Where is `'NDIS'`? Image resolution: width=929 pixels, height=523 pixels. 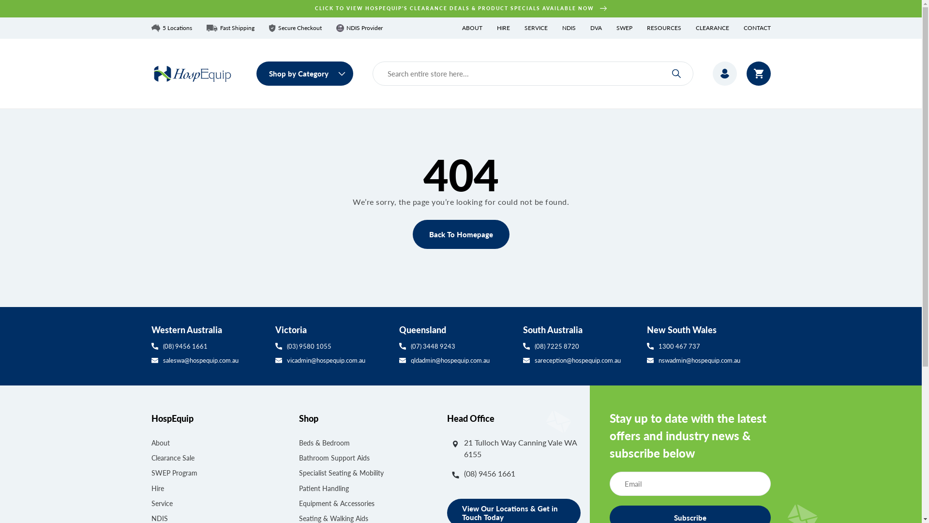
'NDIS' is located at coordinates (562, 27).